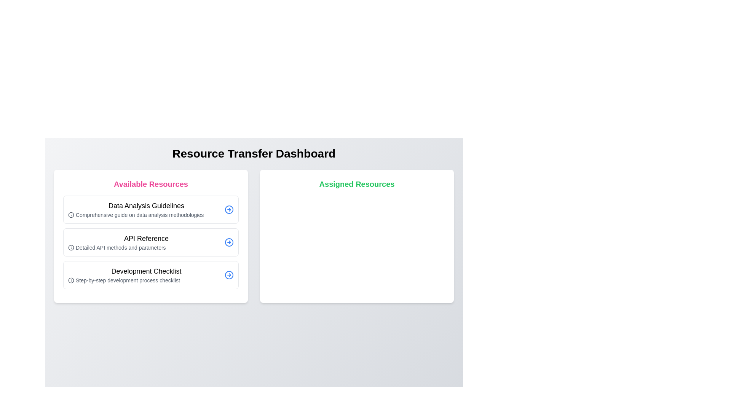 The width and height of the screenshot is (731, 411). What do you see at coordinates (146, 238) in the screenshot?
I see `the 'API Reference' text label located in the center column of the 'Available Resources' section on the left of the 'Resource Transfer Dashboard'` at bounding box center [146, 238].